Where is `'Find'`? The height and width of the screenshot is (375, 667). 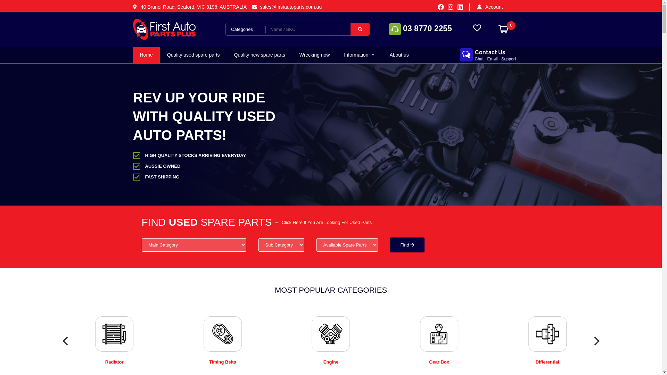
'Find' is located at coordinates (407, 244).